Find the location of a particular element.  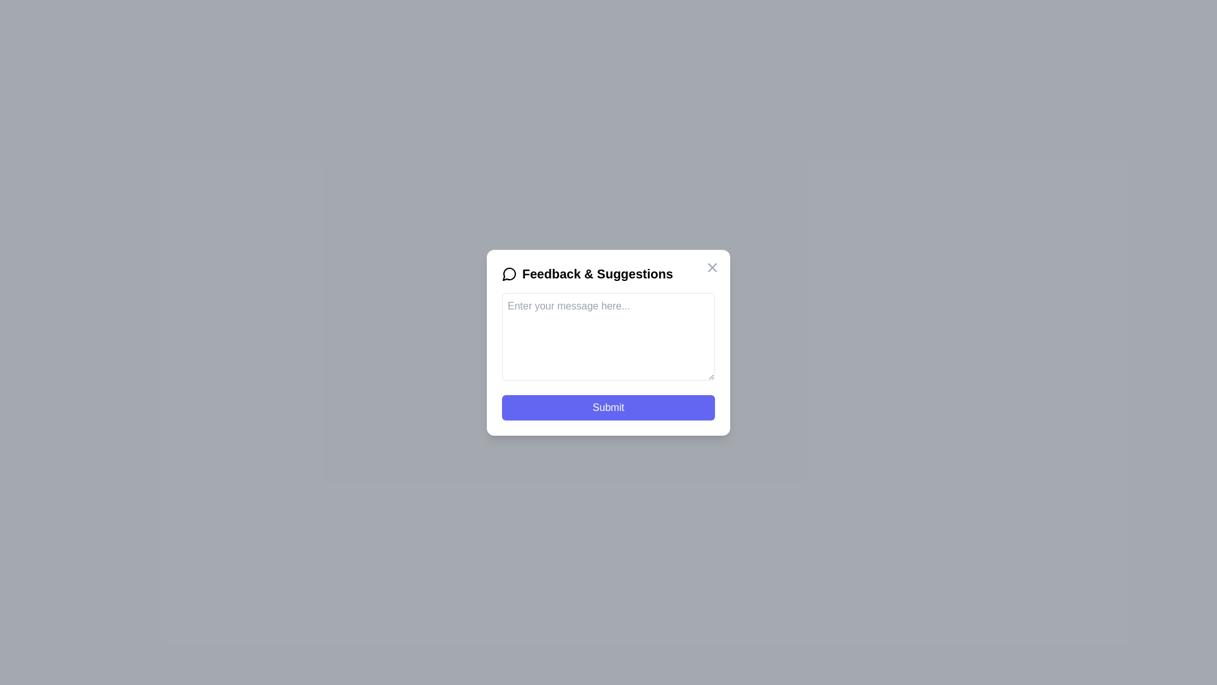

the close button located in the top-right corner of the feedback dialog box is located at coordinates (712, 266).